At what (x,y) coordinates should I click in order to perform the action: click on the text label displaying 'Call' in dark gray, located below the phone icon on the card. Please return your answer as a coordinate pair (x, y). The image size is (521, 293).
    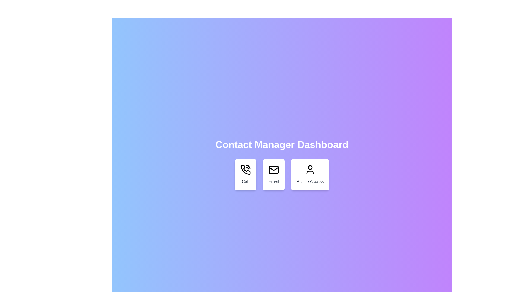
    Looking at the image, I should click on (245, 182).